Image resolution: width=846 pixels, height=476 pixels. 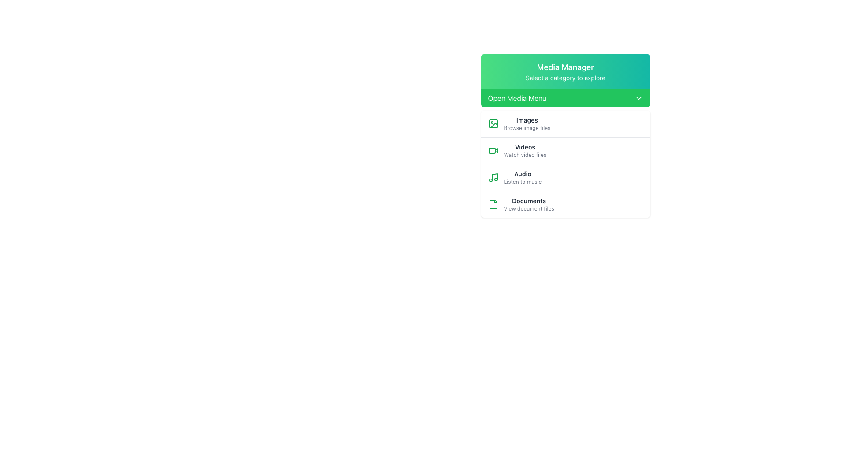 I want to click on the second menu item in the 'Media Manager' section, which is for video-related options, located between 'Images' and 'Audio', so click(x=525, y=150).